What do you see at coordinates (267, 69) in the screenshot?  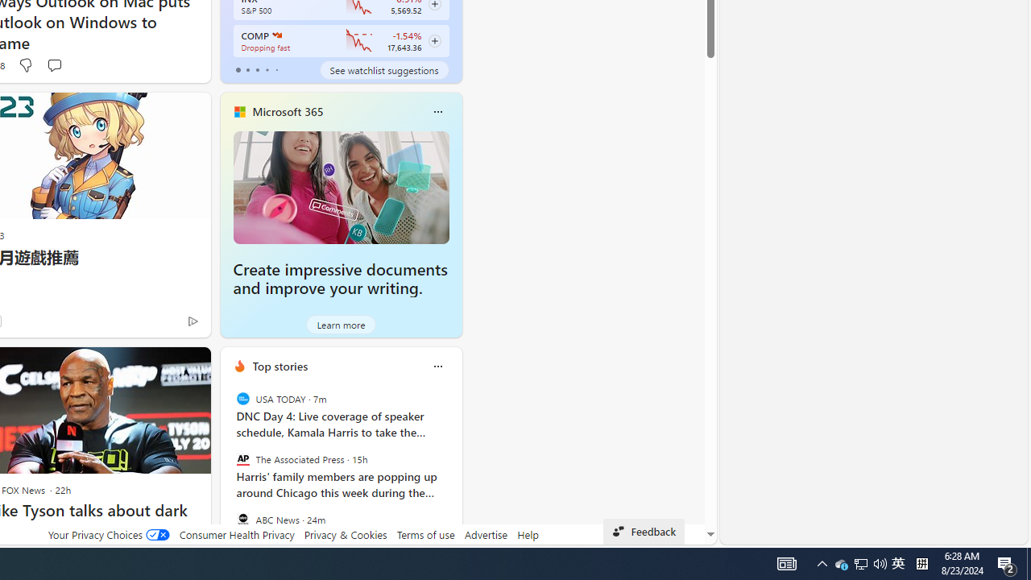 I see `'tab-3'` at bounding box center [267, 69].